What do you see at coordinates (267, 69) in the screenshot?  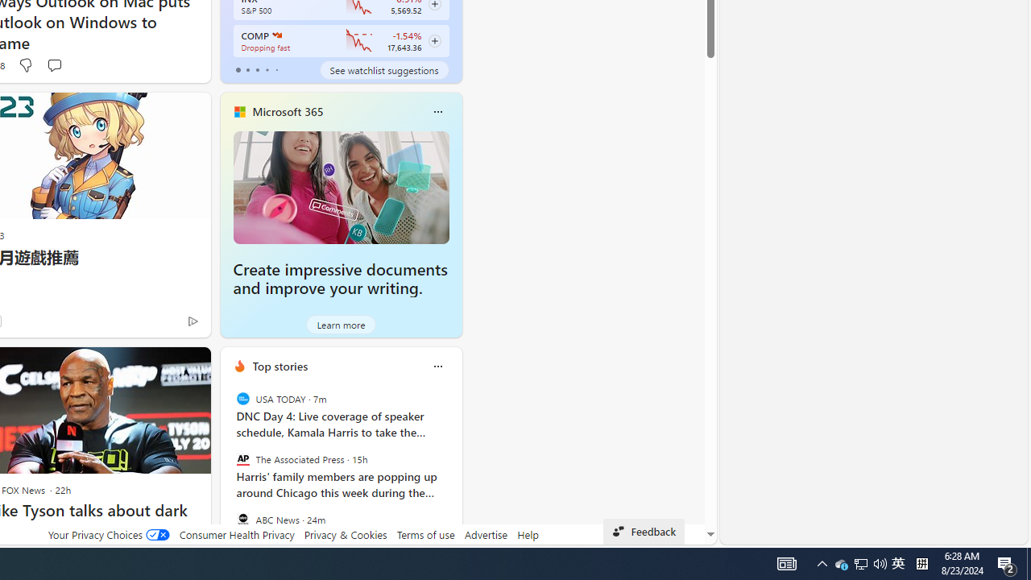 I see `'tab-3'` at bounding box center [267, 69].